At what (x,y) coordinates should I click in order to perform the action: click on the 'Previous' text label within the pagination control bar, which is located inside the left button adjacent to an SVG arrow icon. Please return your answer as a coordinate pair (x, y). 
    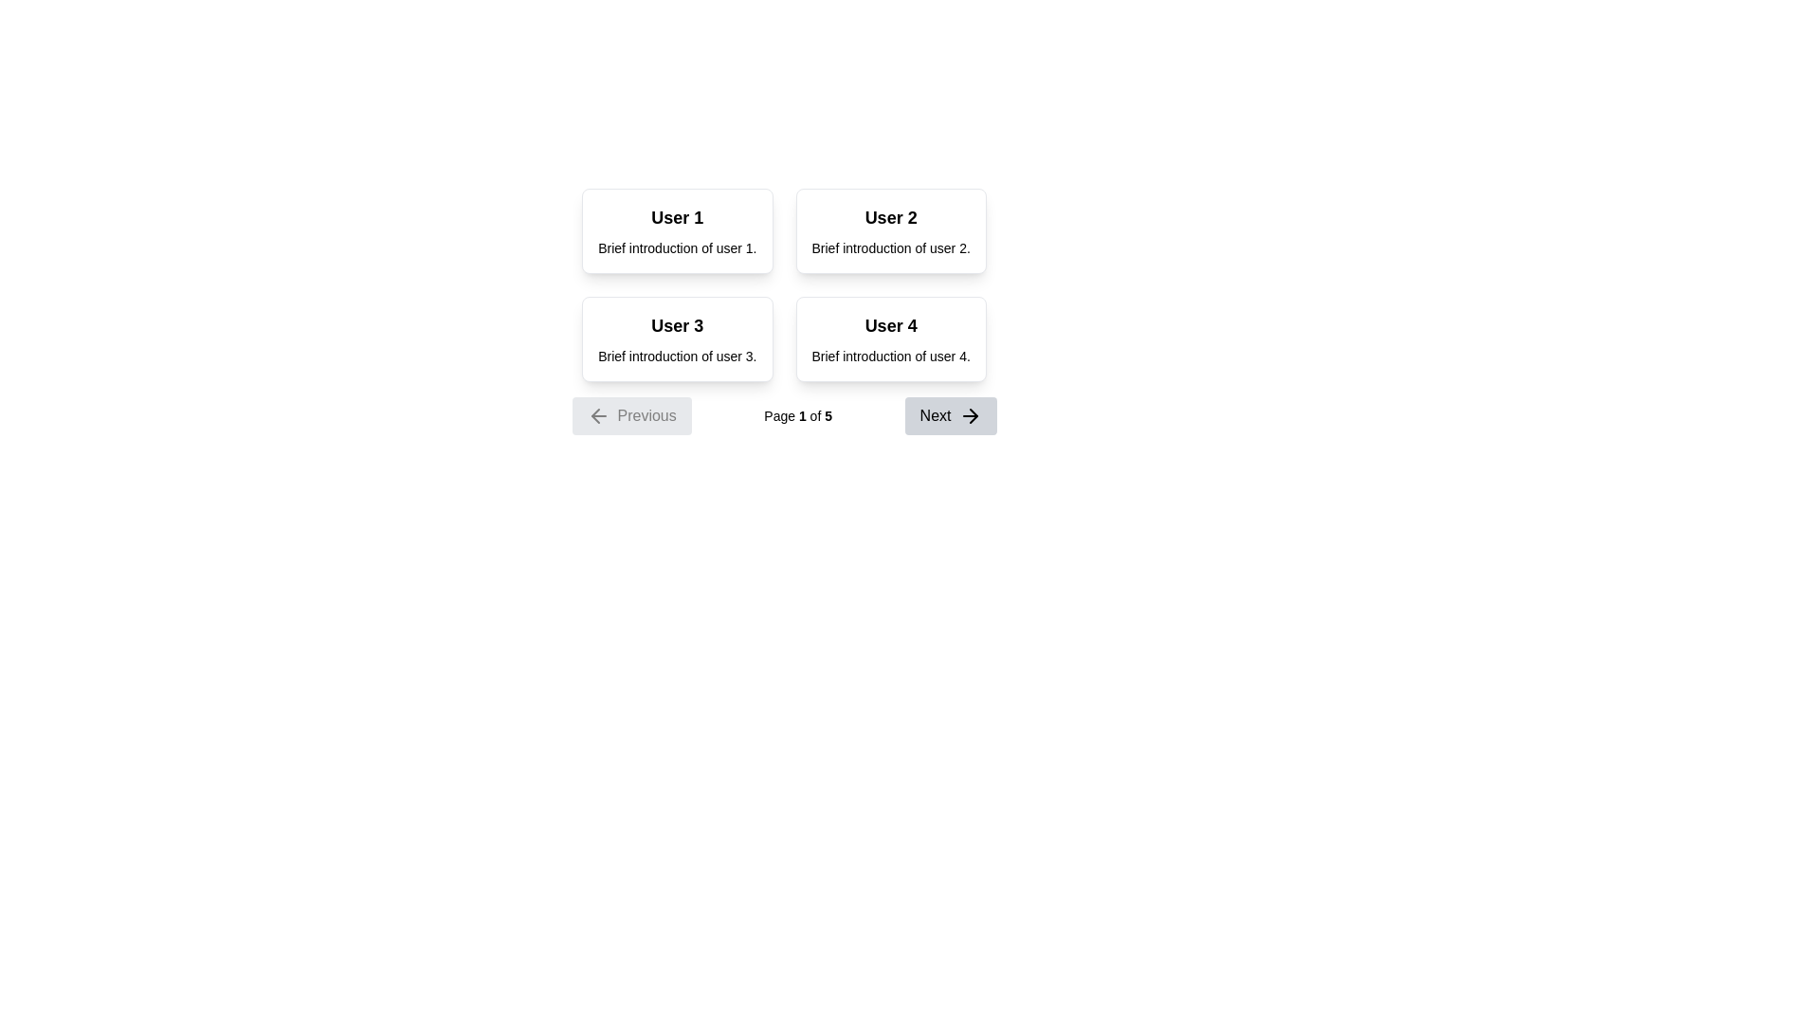
    Looking at the image, I should click on (646, 415).